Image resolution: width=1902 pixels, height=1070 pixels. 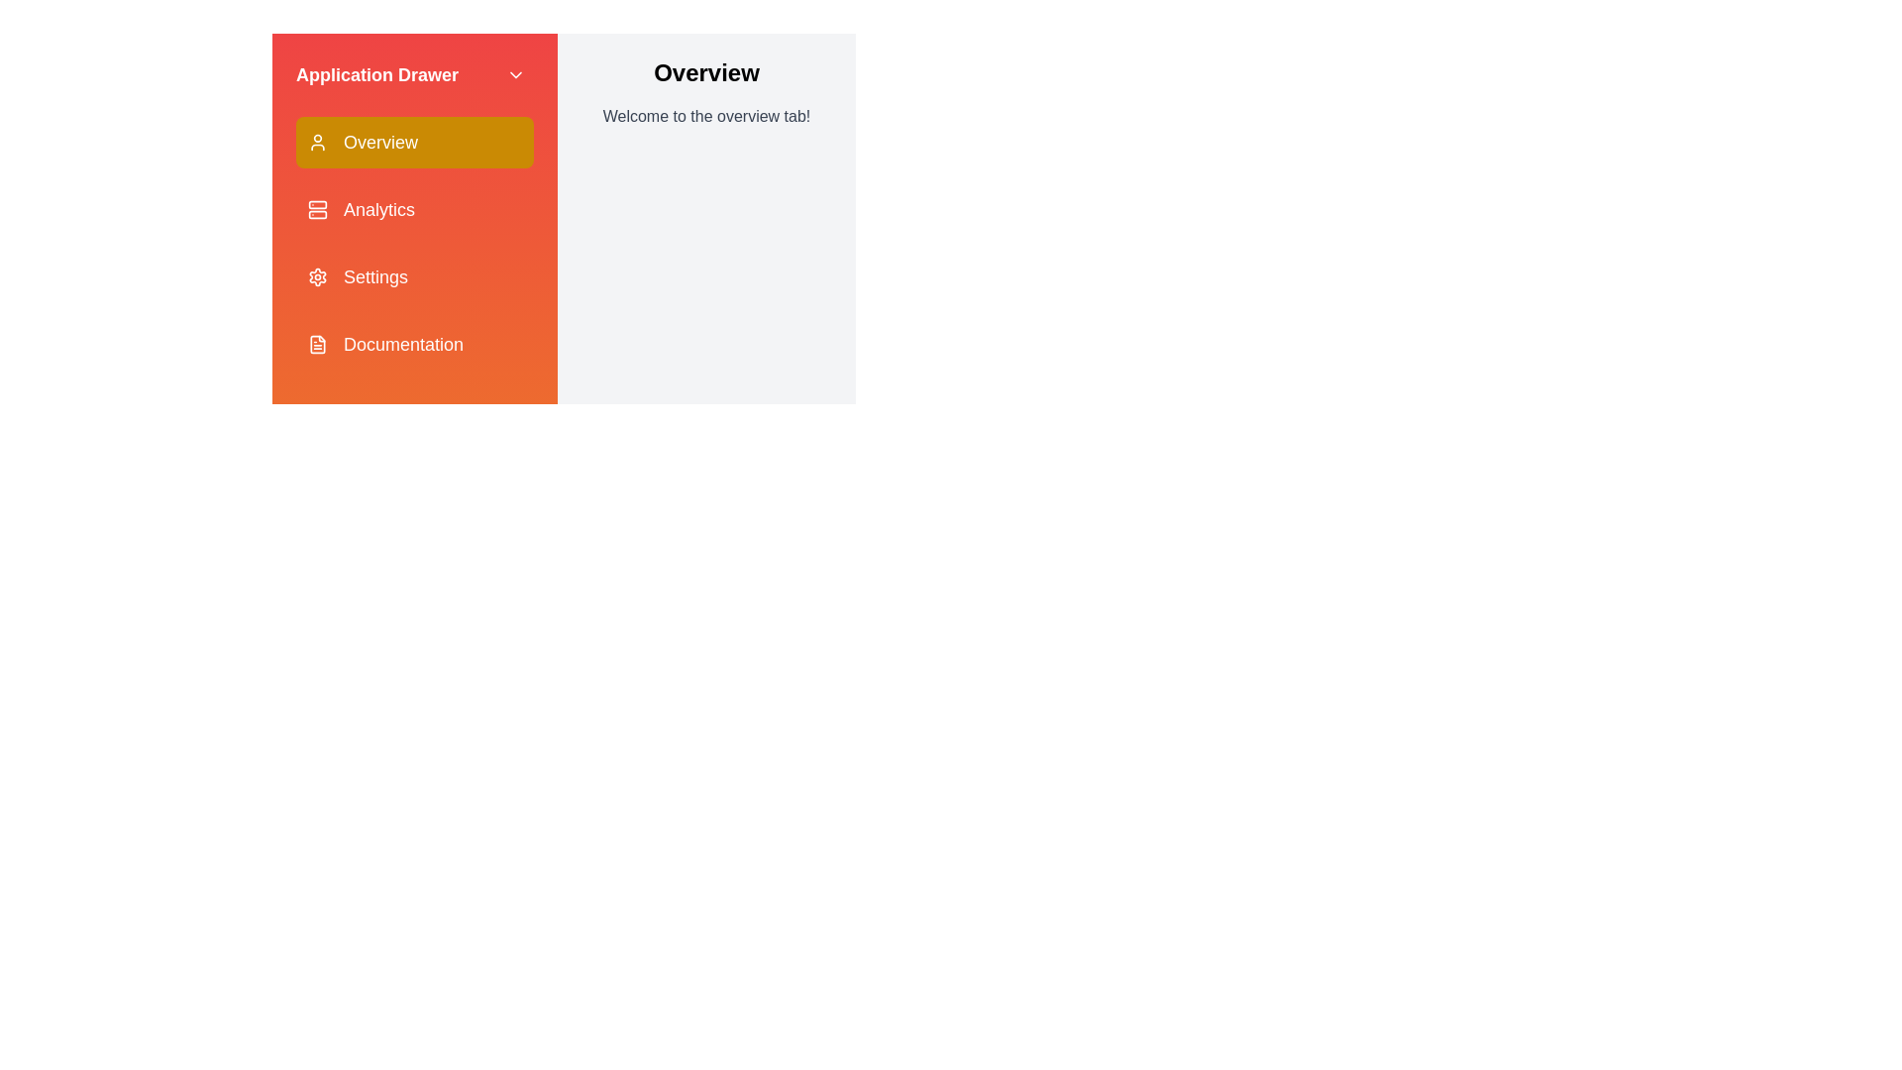 I want to click on the Menu button to reopen the drawer, so click(x=556, y=34).